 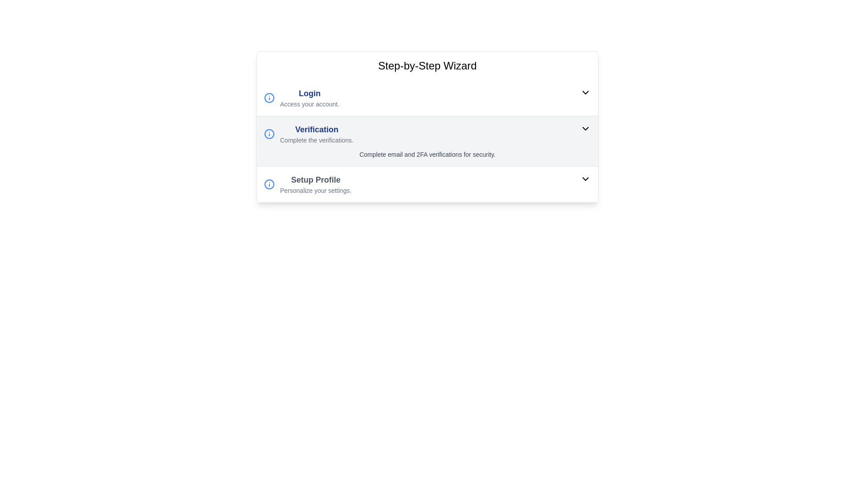 What do you see at coordinates (269, 134) in the screenshot?
I see `the iconographic element that serves as an indicator for the 'Verification' step, located to the left of the text 'Verification' in the second row of the step-by-step wizard interface` at bounding box center [269, 134].